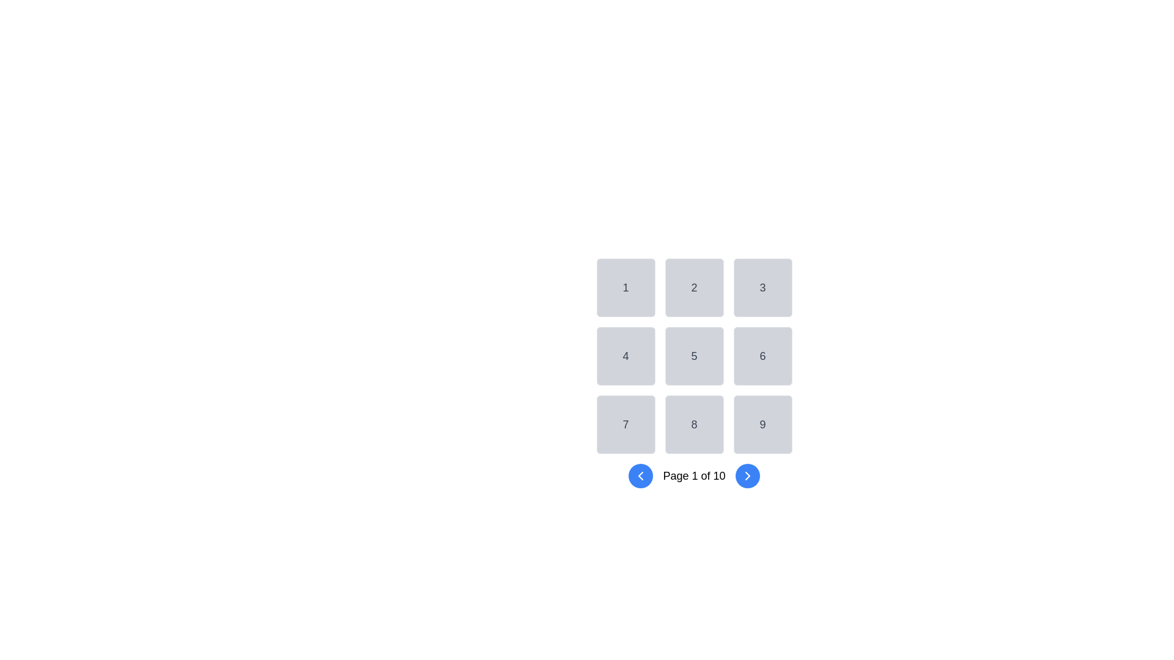  I want to click on the static display element showing the digit '5', which is located in the second row and second column of a 3x3 grid layout, so click(694, 356).